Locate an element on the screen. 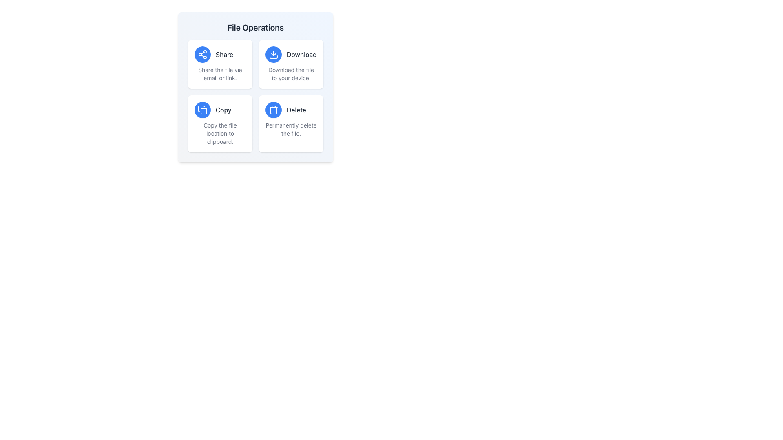 This screenshot has width=783, height=440. informative purpose of the text label that reads 'Permanently delete the file.' located within the 'Delete' card in the 'File Operations' grid is located at coordinates (291, 129).